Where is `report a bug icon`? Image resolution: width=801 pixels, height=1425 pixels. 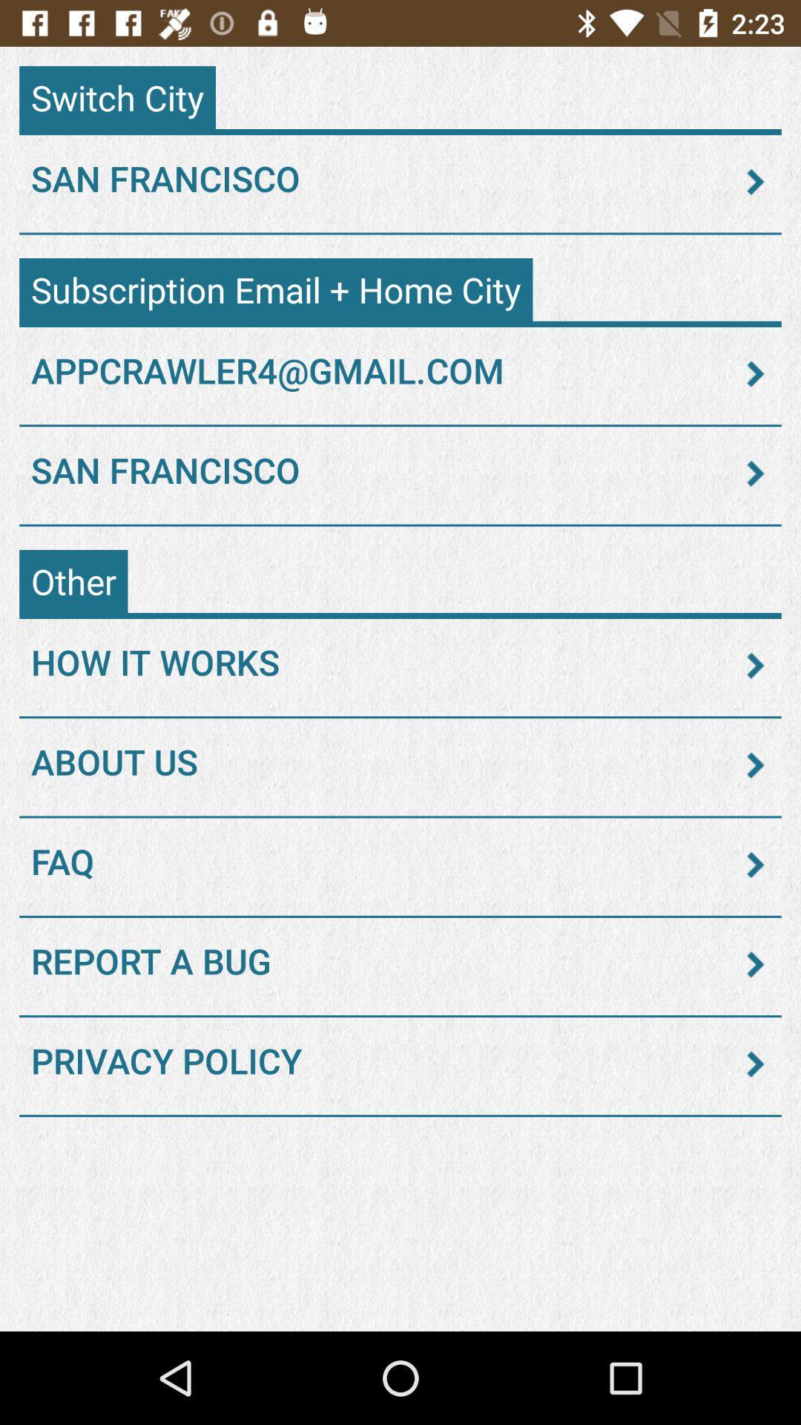
report a bug icon is located at coordinates (400, 964).